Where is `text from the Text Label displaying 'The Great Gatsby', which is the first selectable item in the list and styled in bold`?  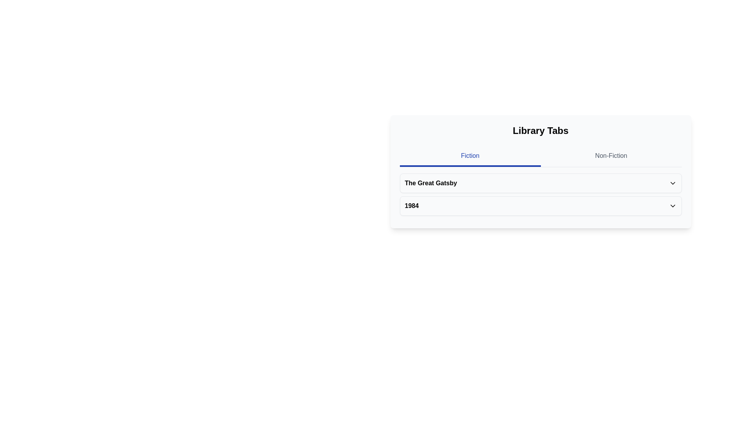 text from the Text Label displaying 'The Great Gatsby', which is the first selectable item in the list and styled in bold is located at coordinates (430, 183).